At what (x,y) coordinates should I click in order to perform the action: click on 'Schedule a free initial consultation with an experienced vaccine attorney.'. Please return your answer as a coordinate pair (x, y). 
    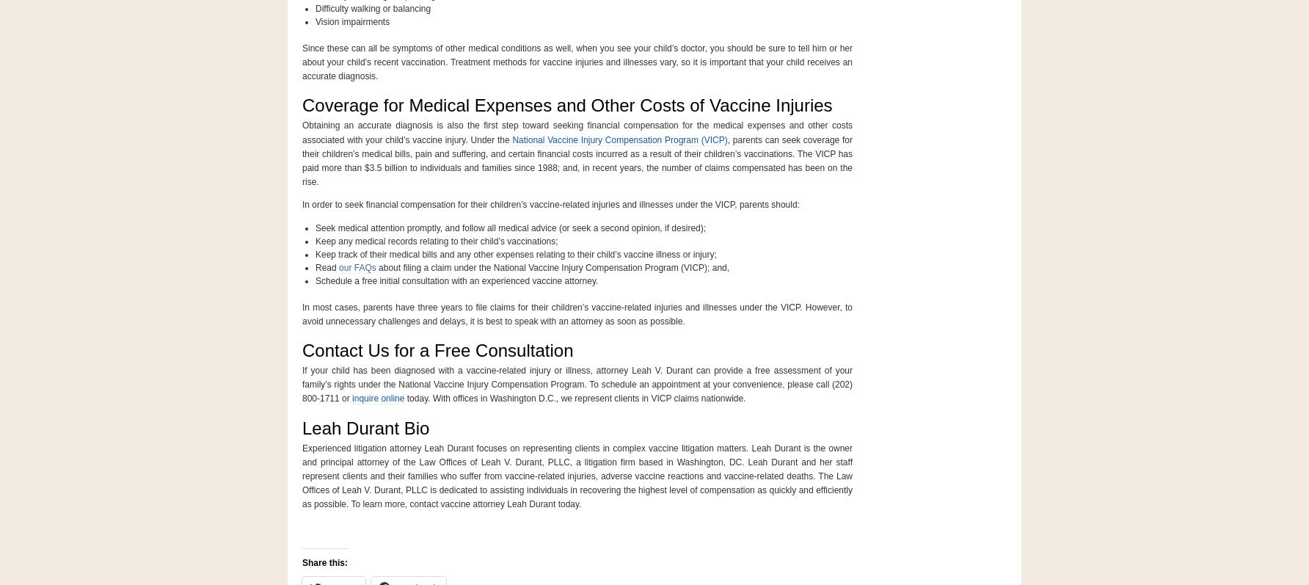
    Looking at the image, I should click on (456, 280).